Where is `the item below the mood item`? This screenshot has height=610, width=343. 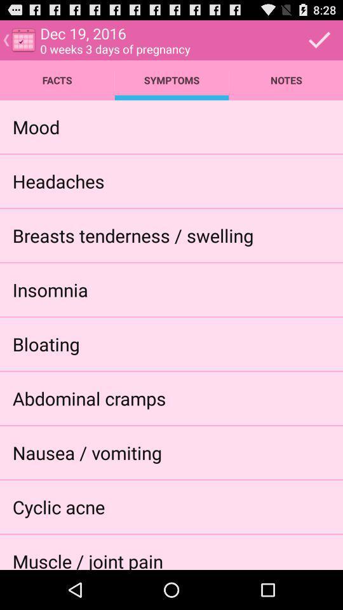 the item below the mood item is located at coordinates (58, 180).